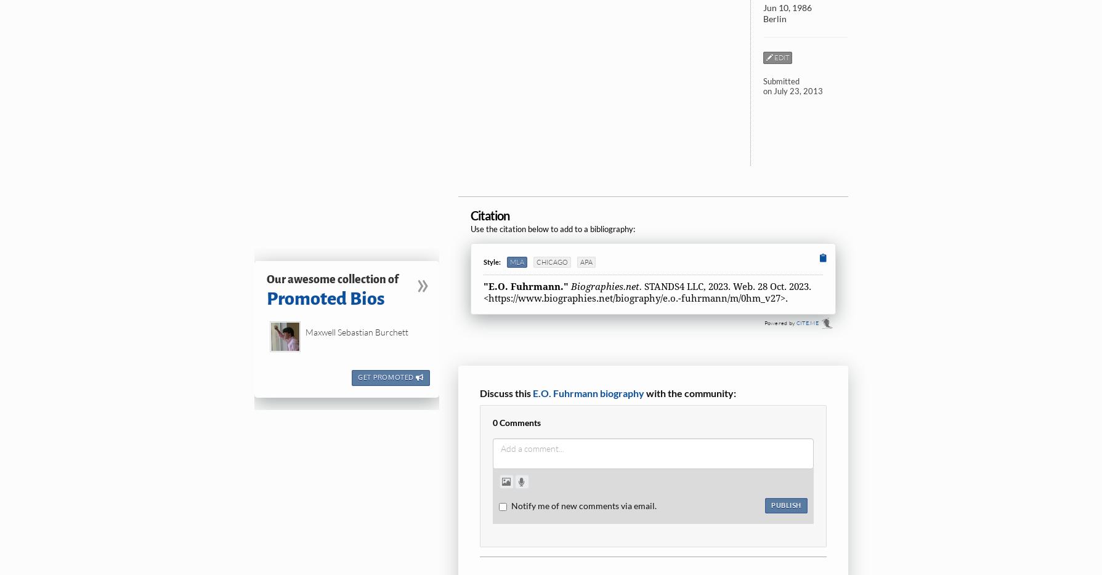 Image resolution: width=1102 pixels, height=575 pixels. Describe the element at coordinates (763, 322) in the screenshot. I see `'Powered by'` at that location.